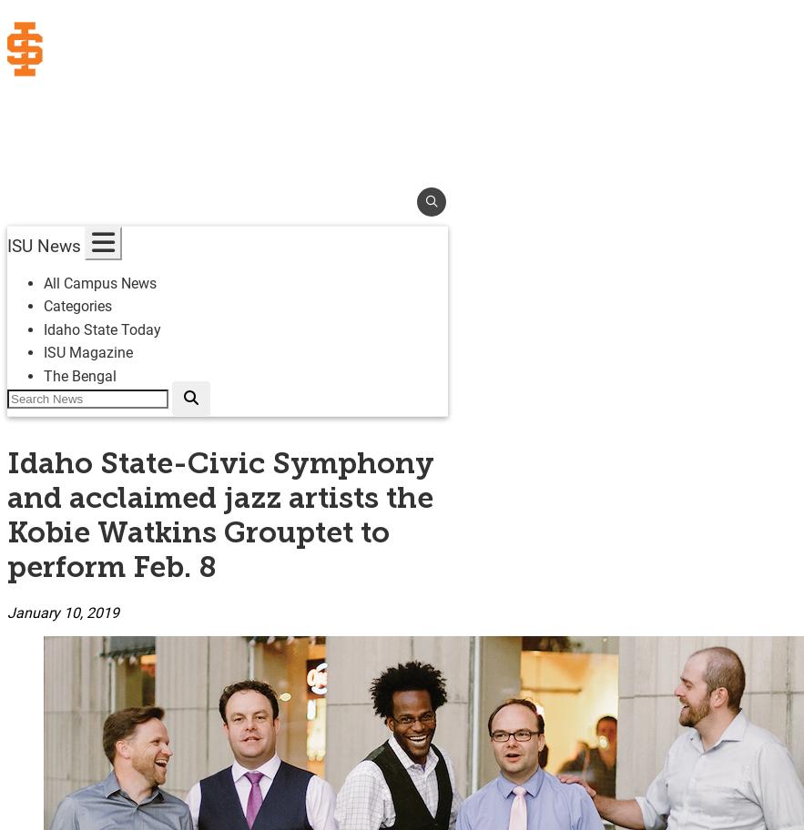  I want to click on 'Bookstore', so click(38, 562).